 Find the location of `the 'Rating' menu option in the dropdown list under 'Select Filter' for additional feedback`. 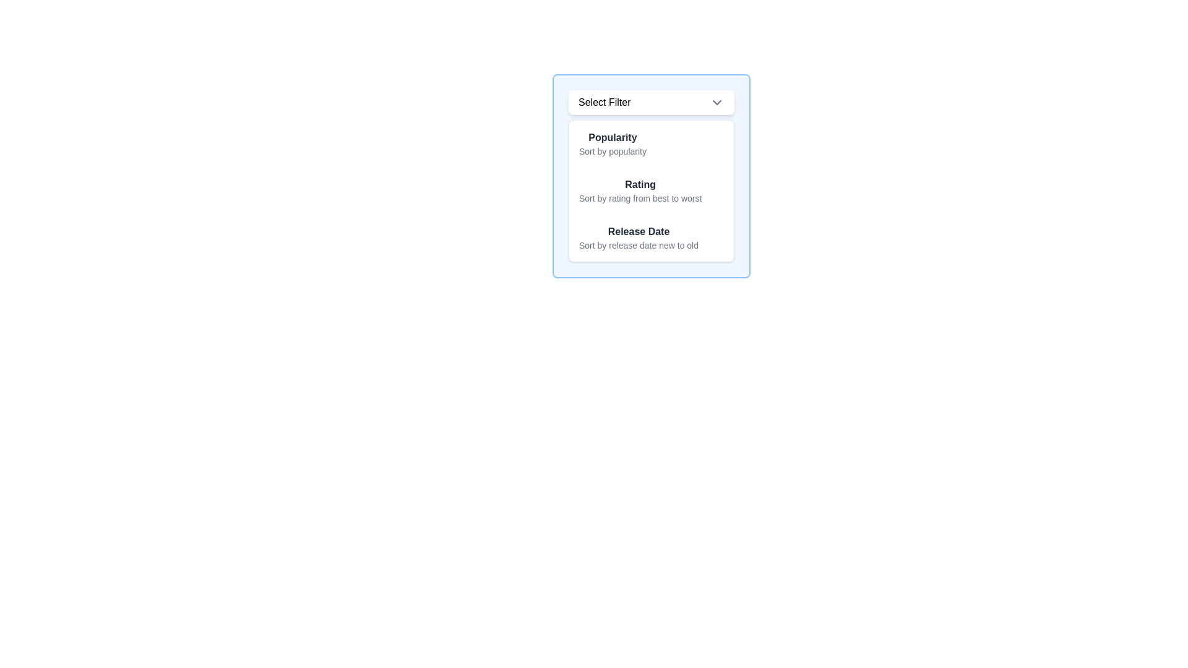

the 'Rating' menu option in the dropdown list under 'Select Filter' for additional feedback is located at coordinates (640, 191).